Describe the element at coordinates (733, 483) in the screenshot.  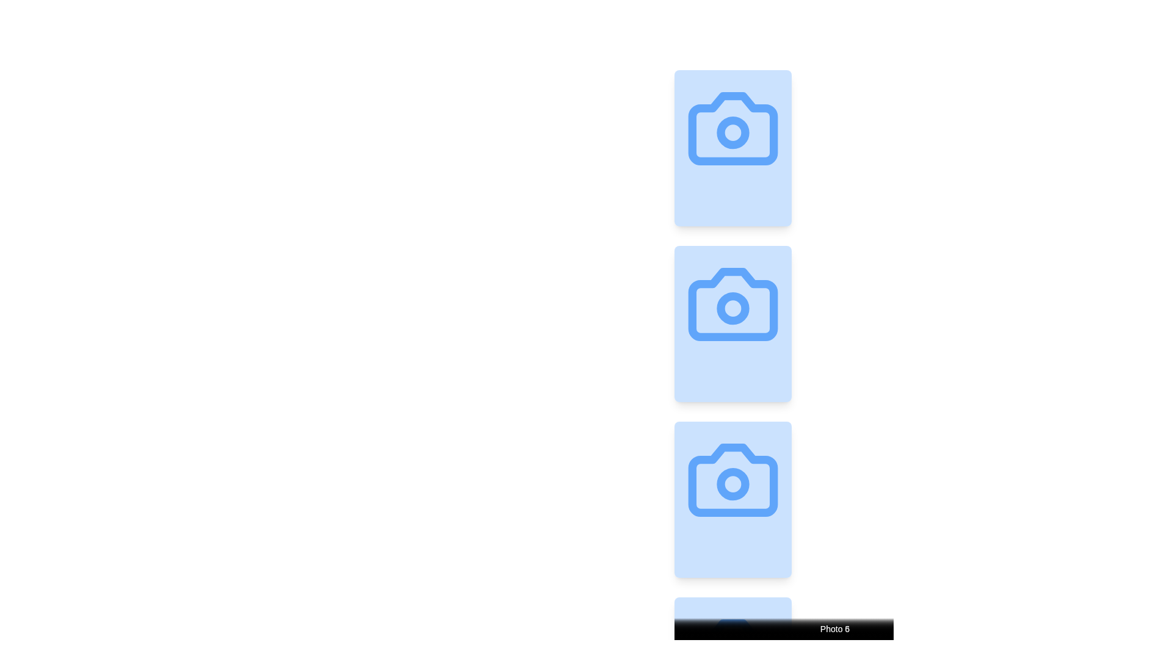
I see `the small circular SVG element that represents the lens of the camera icon, which is the third in a vertical sequence of camera icons` at that location.